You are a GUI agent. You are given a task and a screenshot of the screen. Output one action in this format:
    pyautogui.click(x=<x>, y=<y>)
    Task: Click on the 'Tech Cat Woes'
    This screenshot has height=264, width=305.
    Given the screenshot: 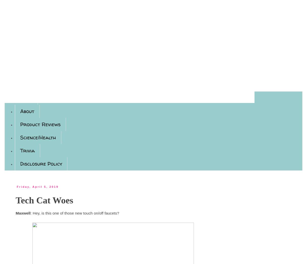 What is the action you would take?
    pyautogui.click(x=44, y=200)
    